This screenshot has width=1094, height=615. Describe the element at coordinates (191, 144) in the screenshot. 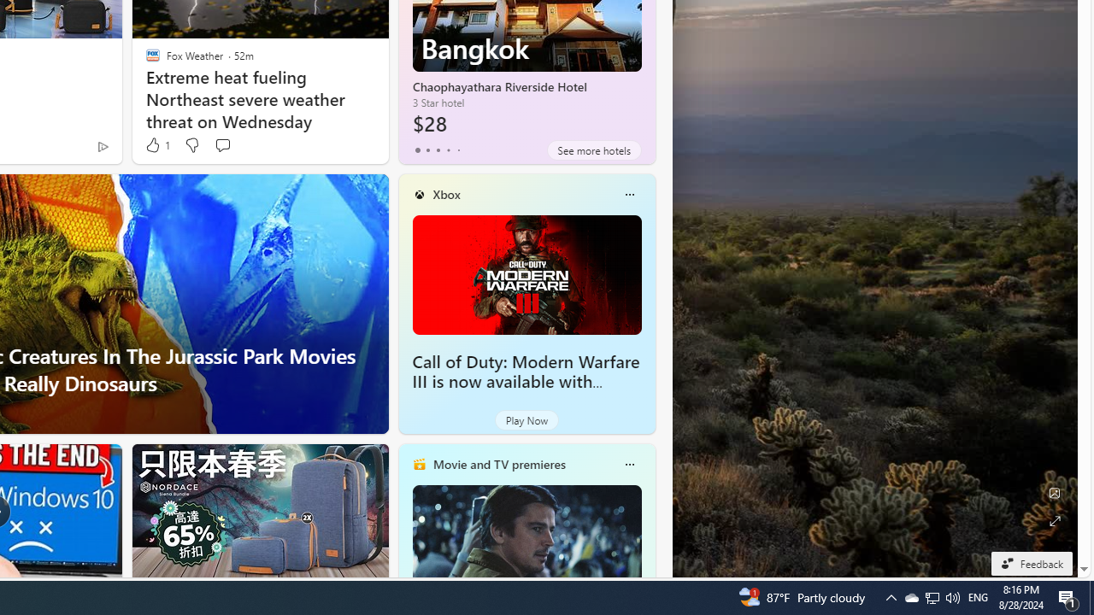

I see `'Dislike'` at that location.